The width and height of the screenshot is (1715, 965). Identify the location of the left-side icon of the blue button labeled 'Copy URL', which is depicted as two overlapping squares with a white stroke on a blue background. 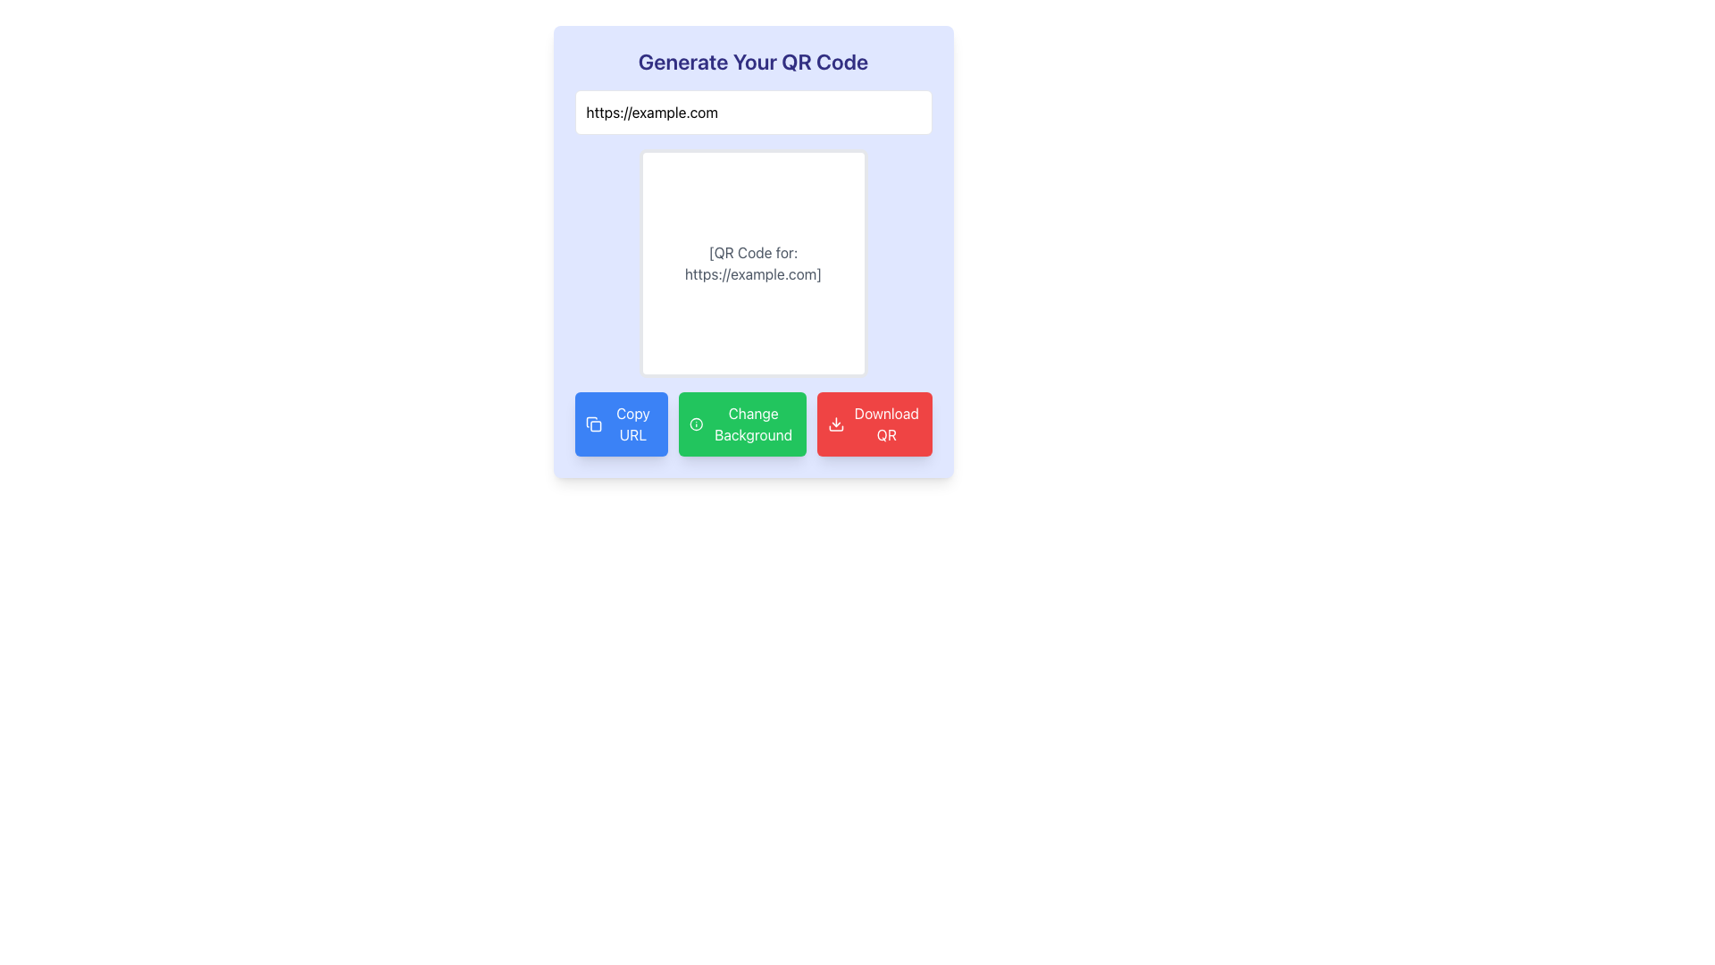
(593, 424).